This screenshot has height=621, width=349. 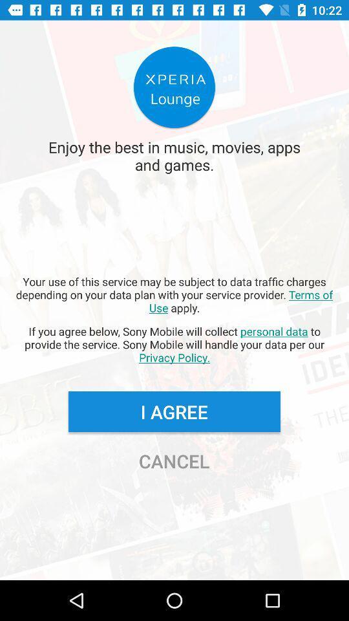 I want to click on the cancel, so click(x=174, y=461).